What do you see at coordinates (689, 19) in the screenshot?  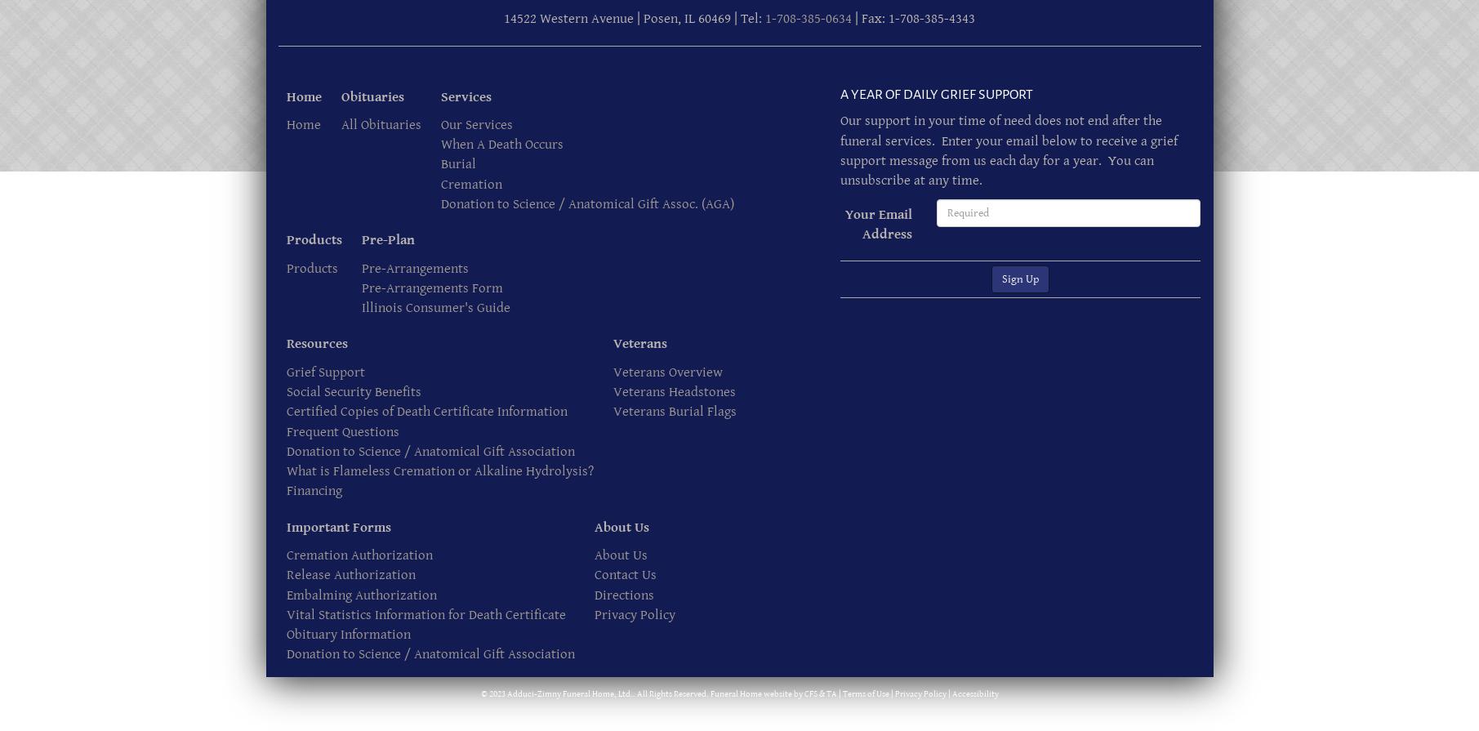 I see `'IL'` at bounding box center [689, 19].